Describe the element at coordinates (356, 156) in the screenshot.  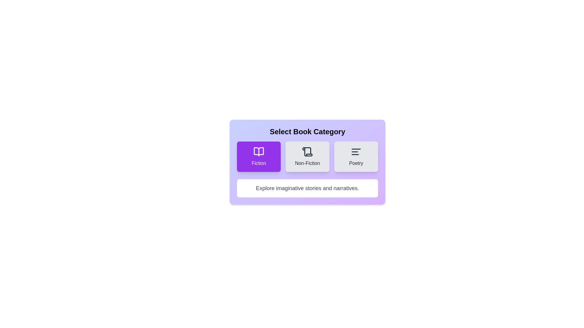
I see `the 'Poetry' button to select the category` at that location.